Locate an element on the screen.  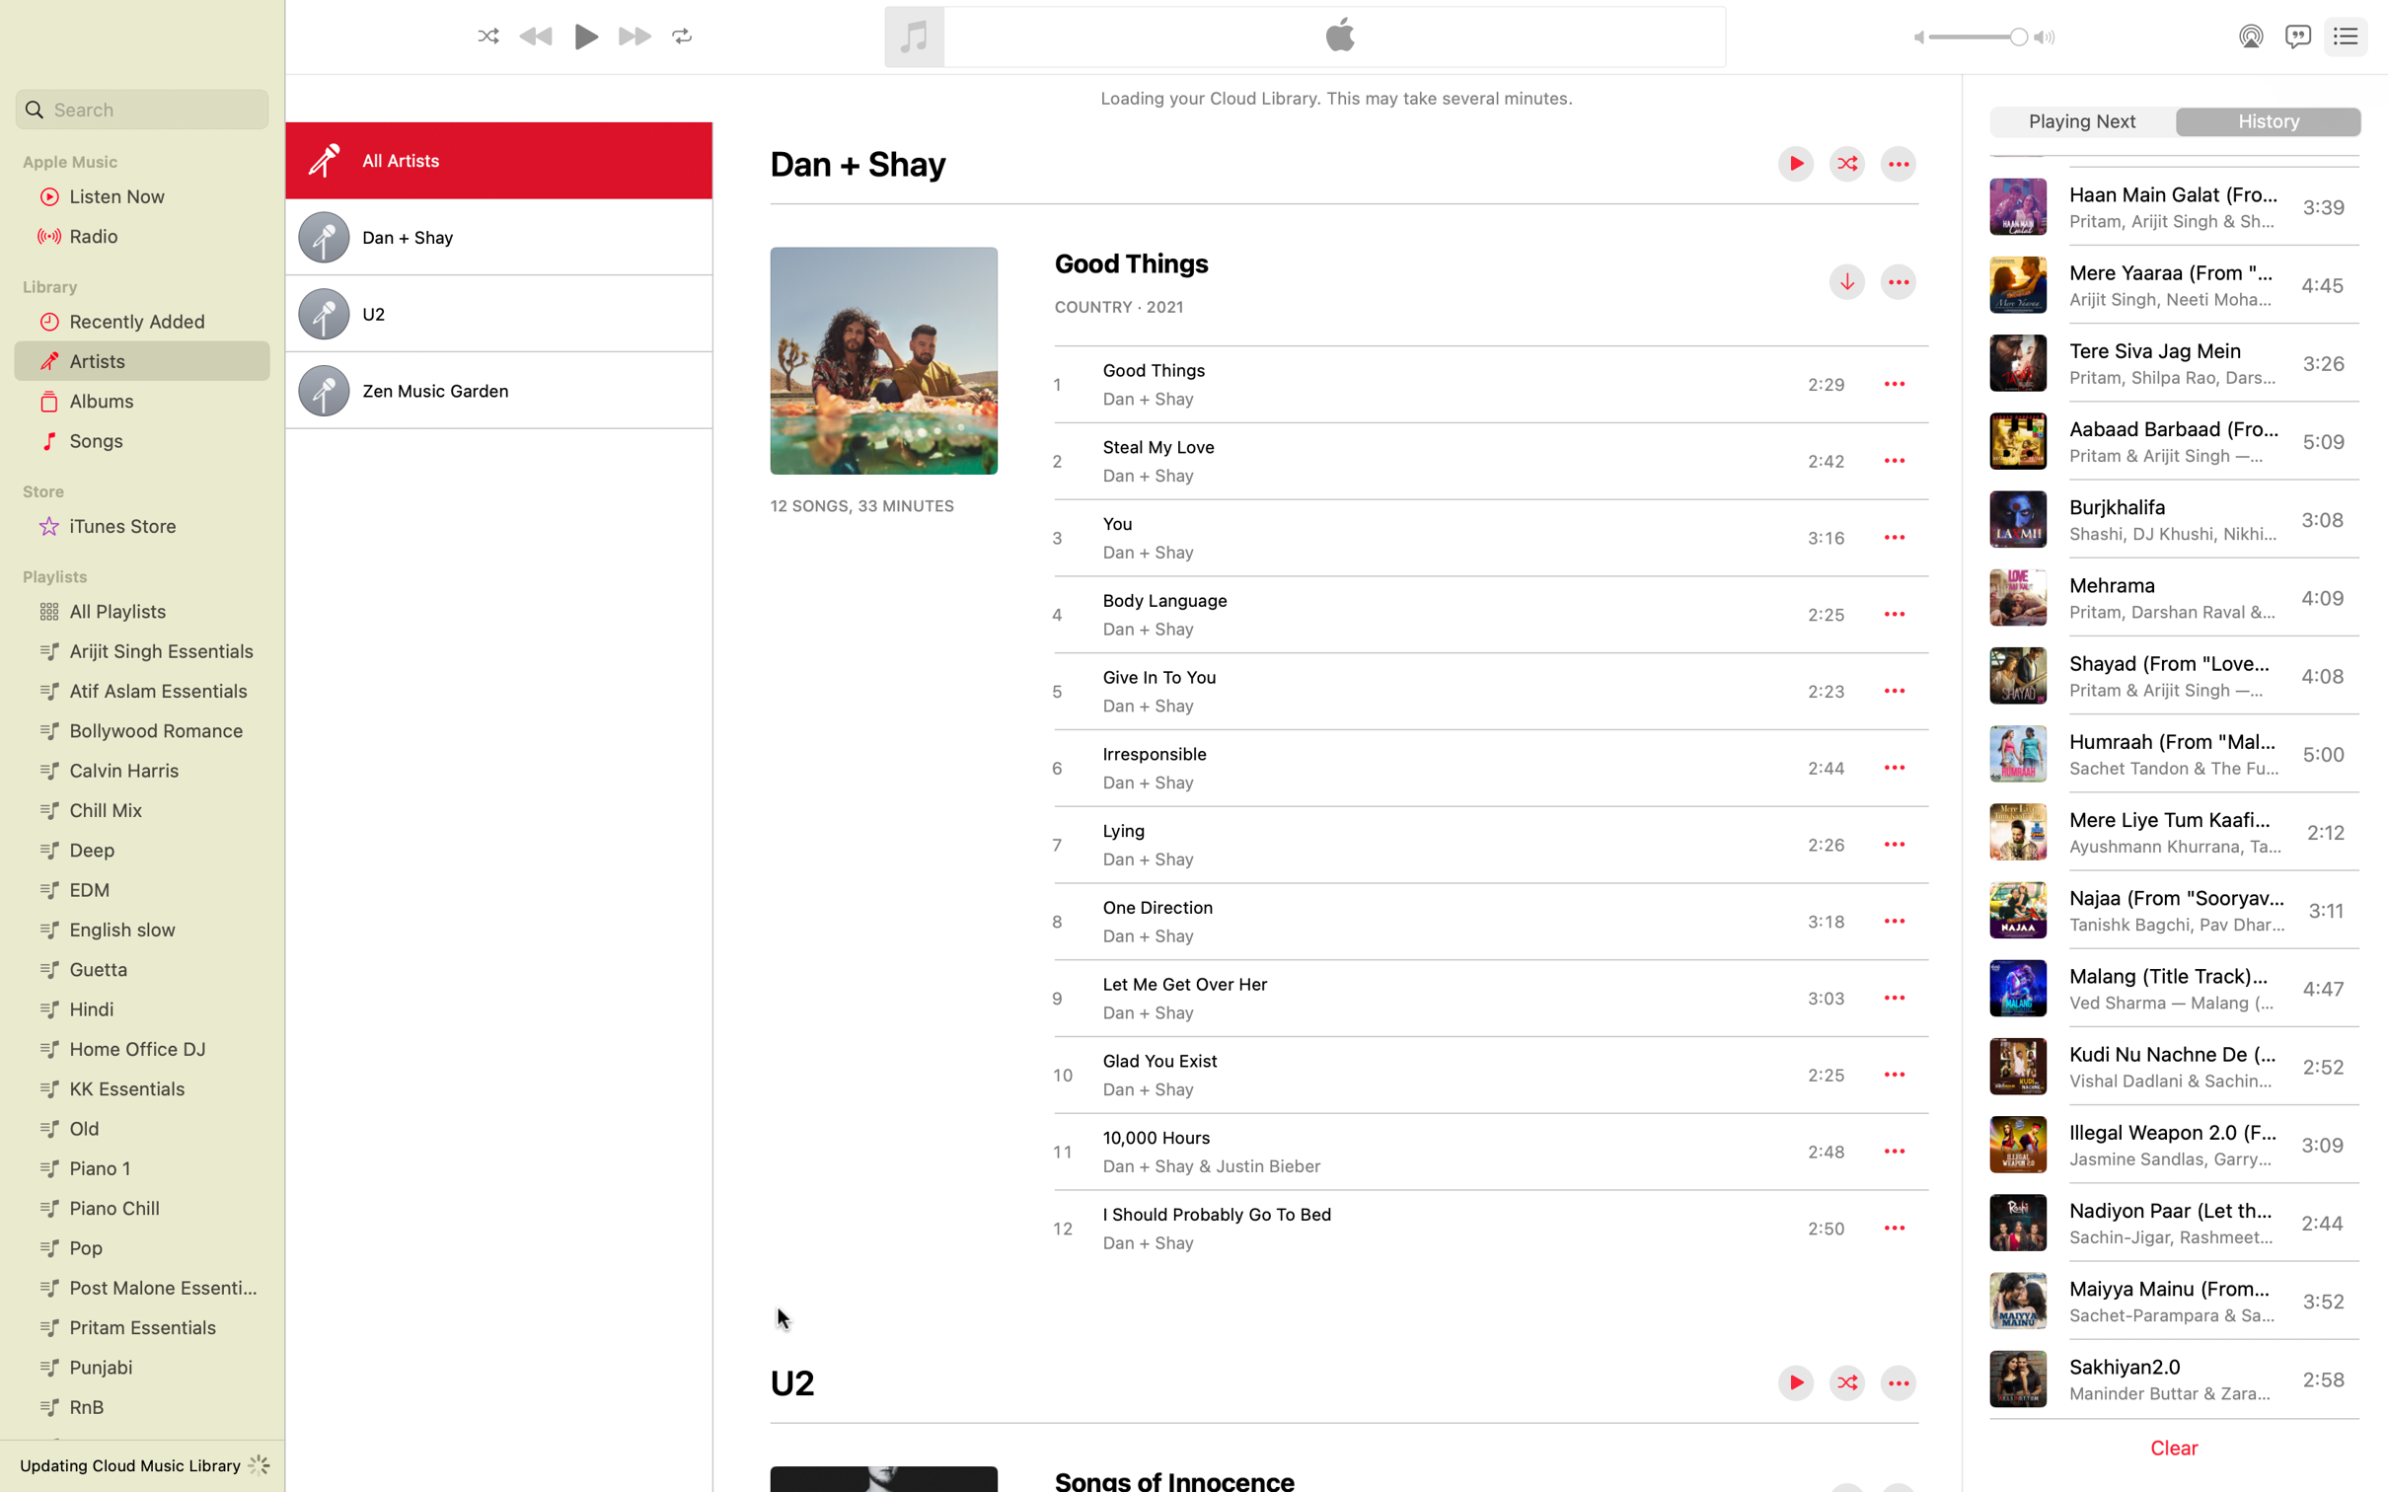
the archive of songs played earlier is located at coordinates (2269, 122).